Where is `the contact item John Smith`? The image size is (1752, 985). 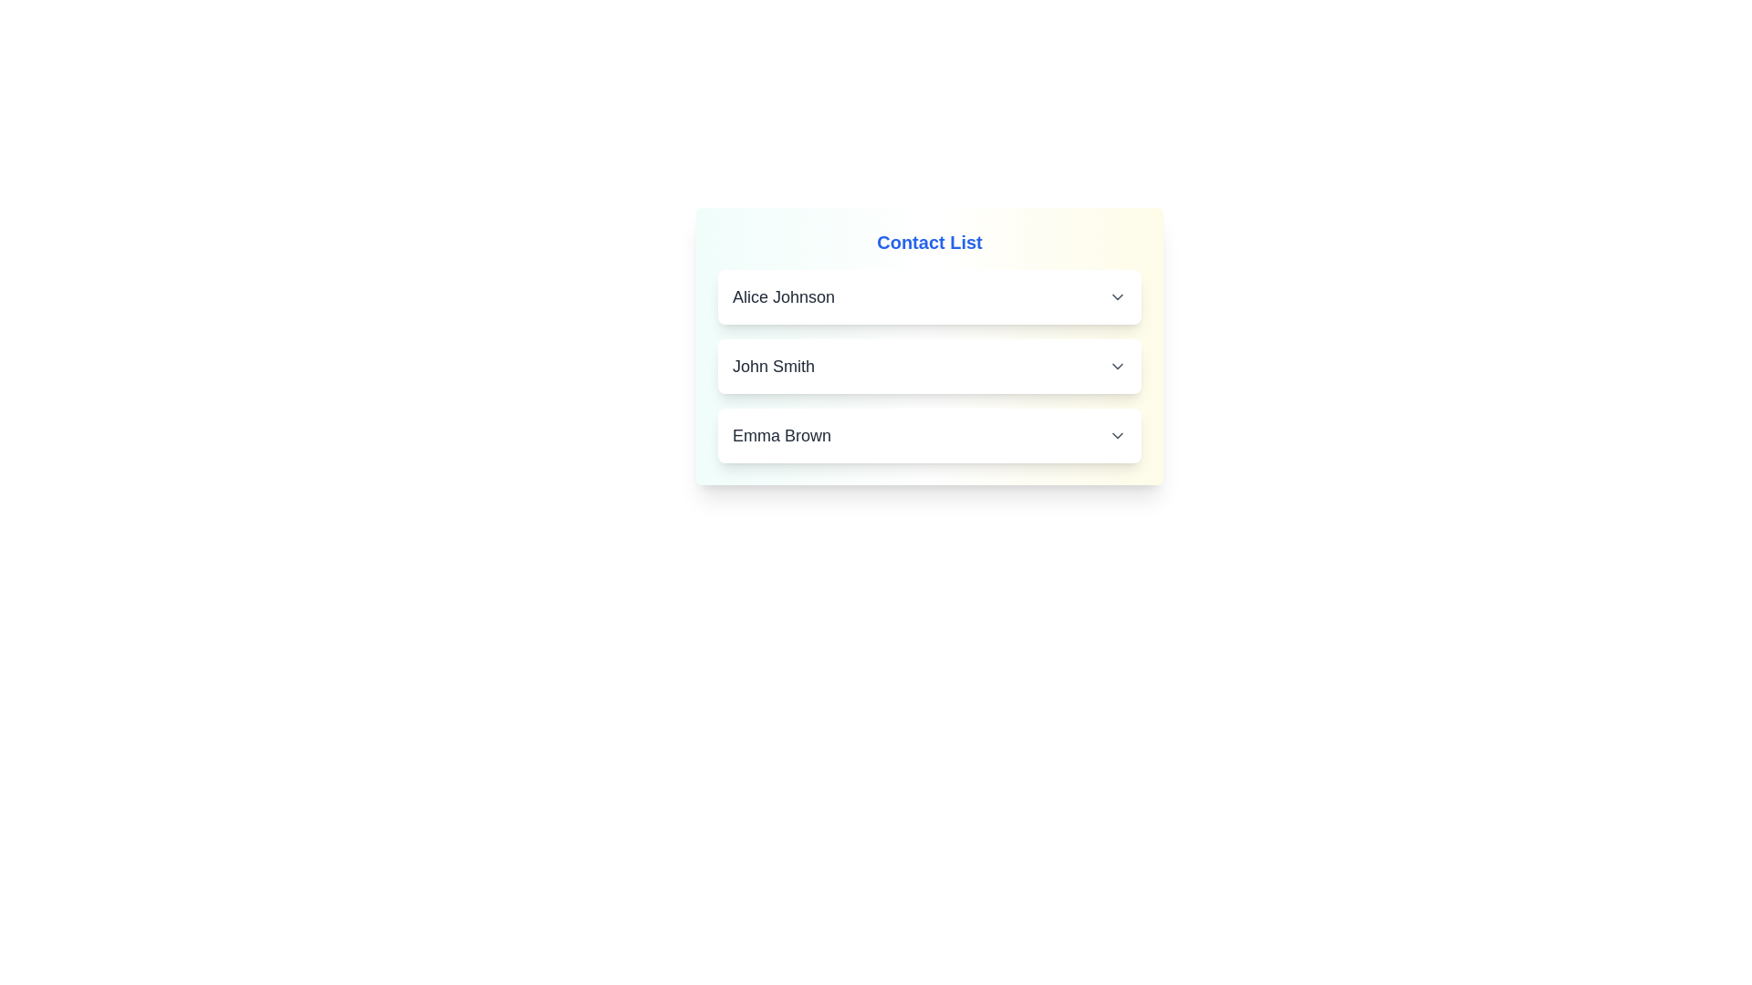
the contact item John Smith is located at coordinates (929, 366).